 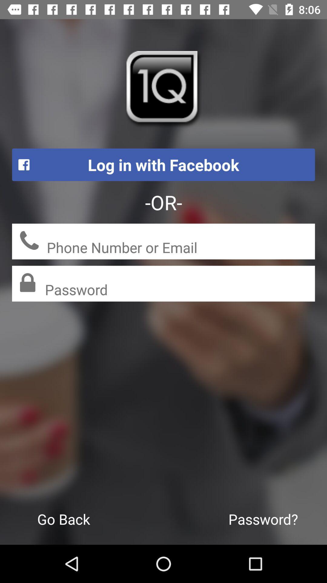 I want to click on password?, so click(x=263, y=519).